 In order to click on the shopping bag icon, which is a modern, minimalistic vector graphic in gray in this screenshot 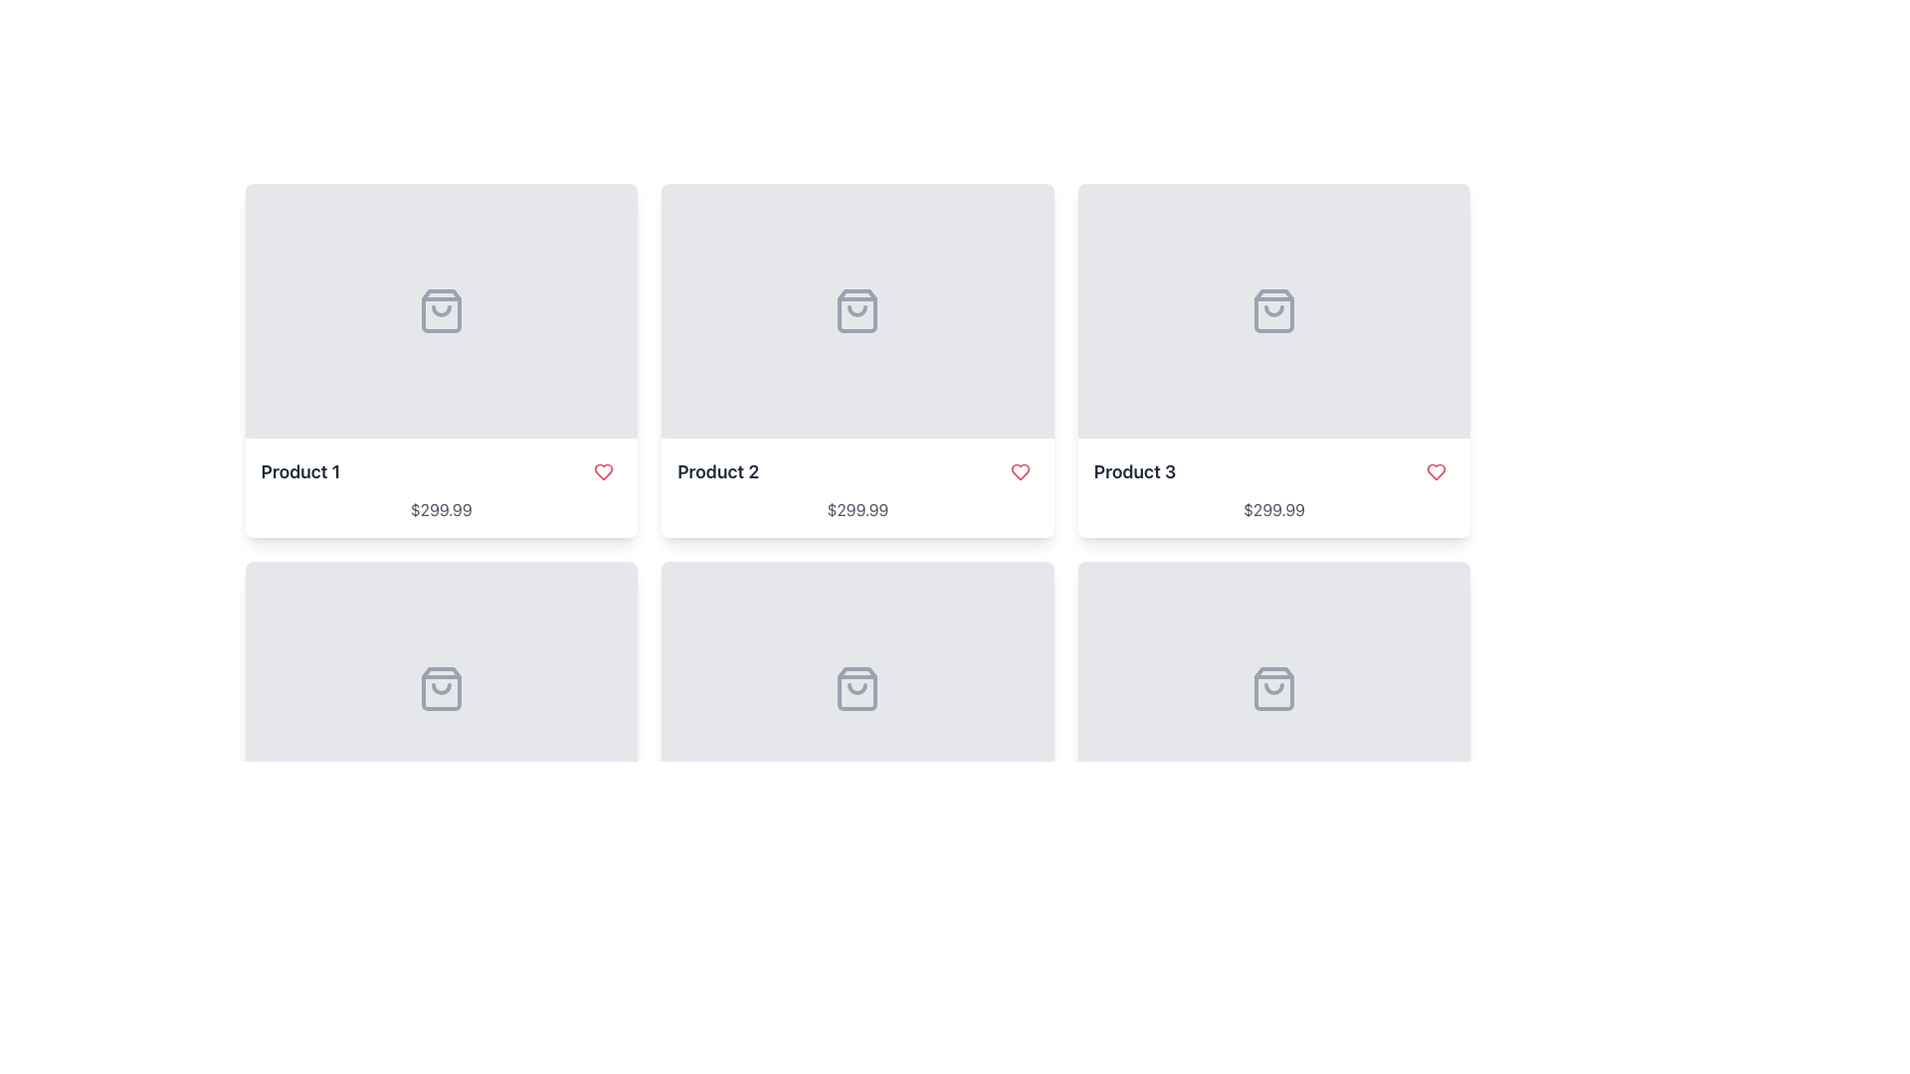, I will do `click(858, 688)`.